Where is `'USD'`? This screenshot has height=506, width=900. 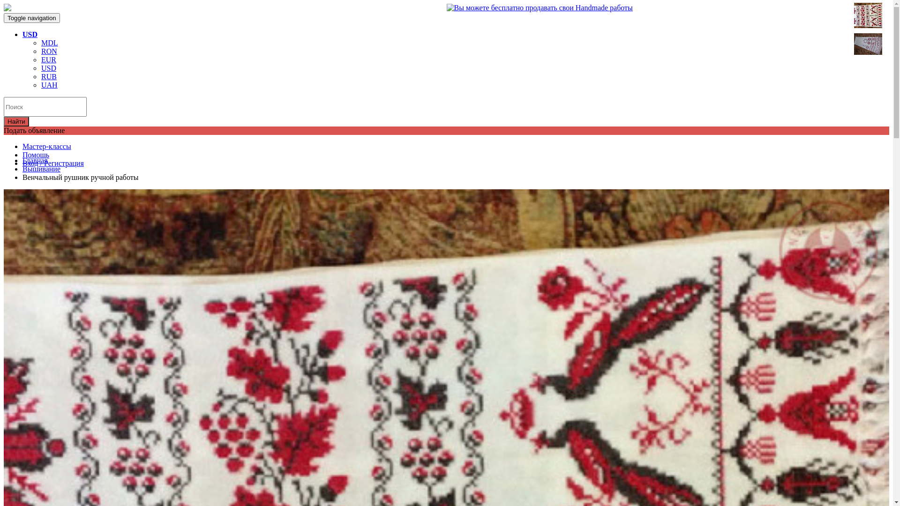 'USD' is located at coordinates (40, 67).